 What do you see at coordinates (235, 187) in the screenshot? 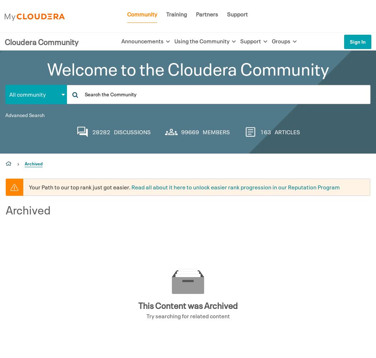
I see `'Read all about it here to unlock easier rank progression in our Reputation Program'` at bounding box center [235, 187].